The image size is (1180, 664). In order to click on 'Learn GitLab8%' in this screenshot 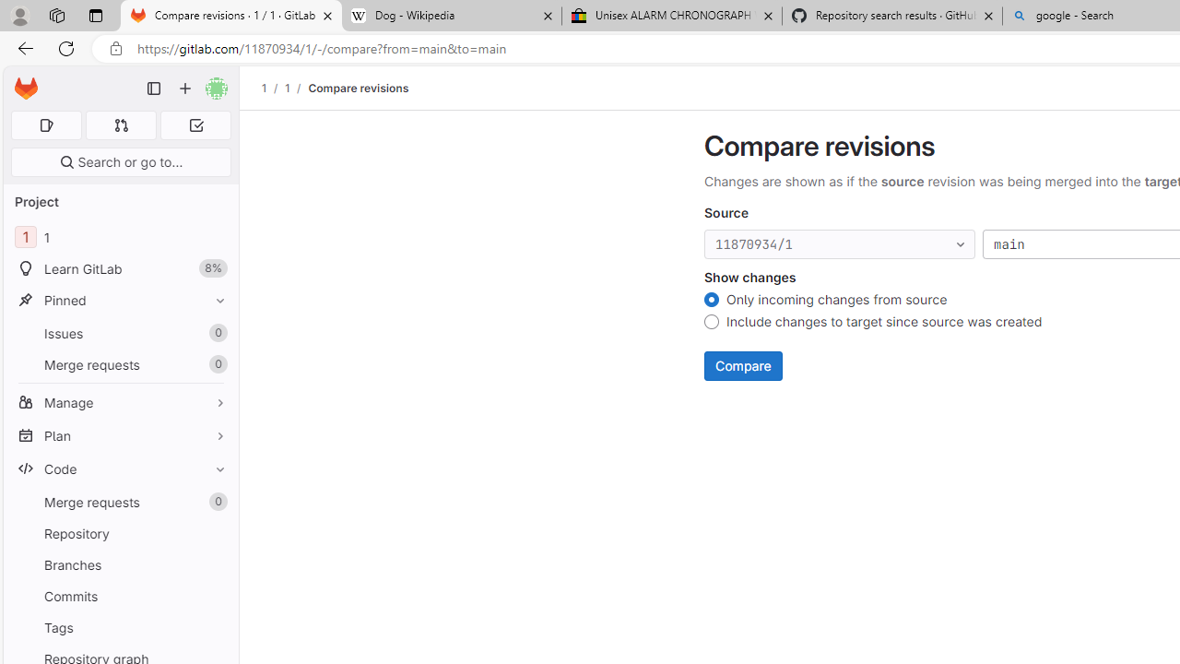, I will do `click(120, 268)`.